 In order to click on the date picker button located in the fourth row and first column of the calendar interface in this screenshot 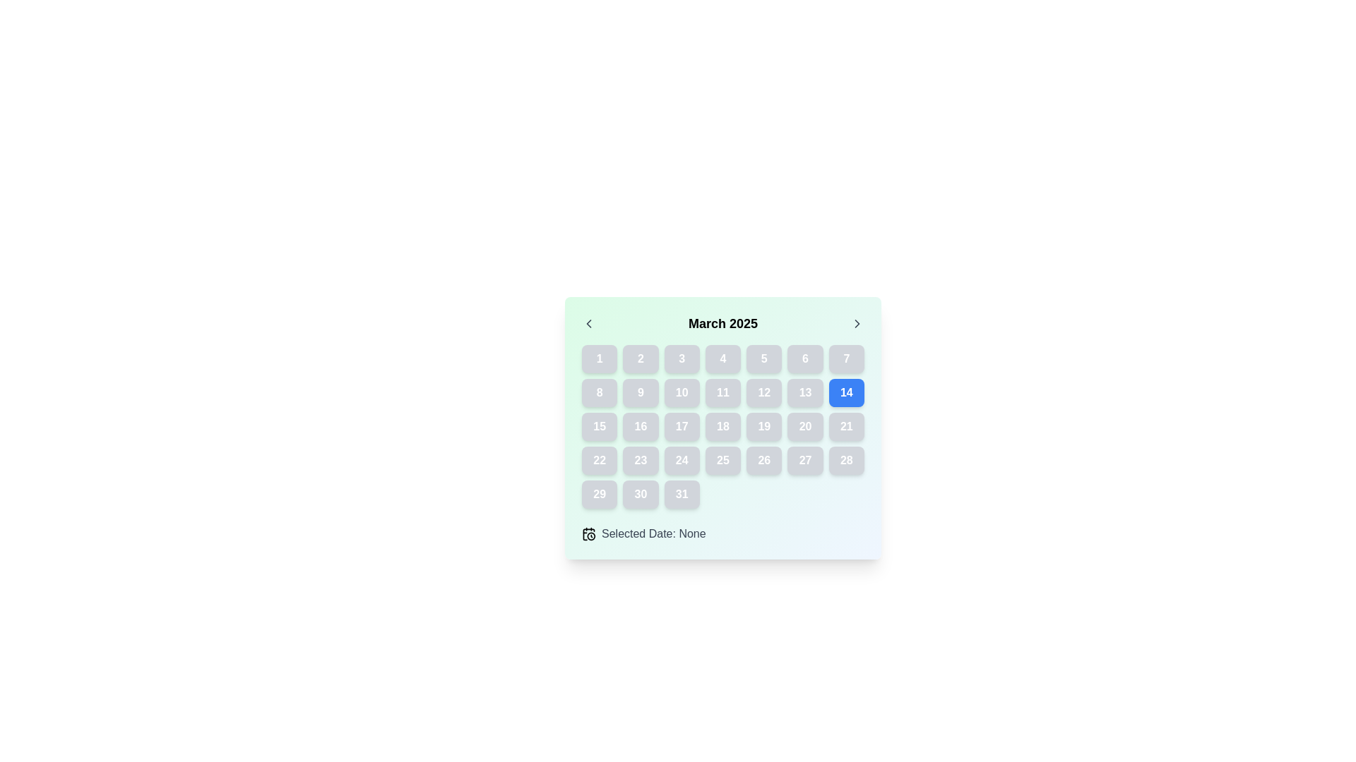, I will do `click(600, 460)`.